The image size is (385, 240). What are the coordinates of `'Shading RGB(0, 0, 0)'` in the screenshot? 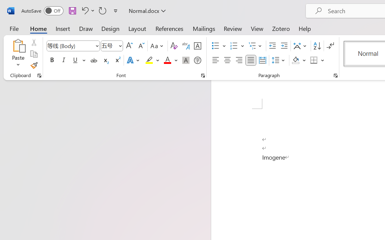 It's located at (296, 60).